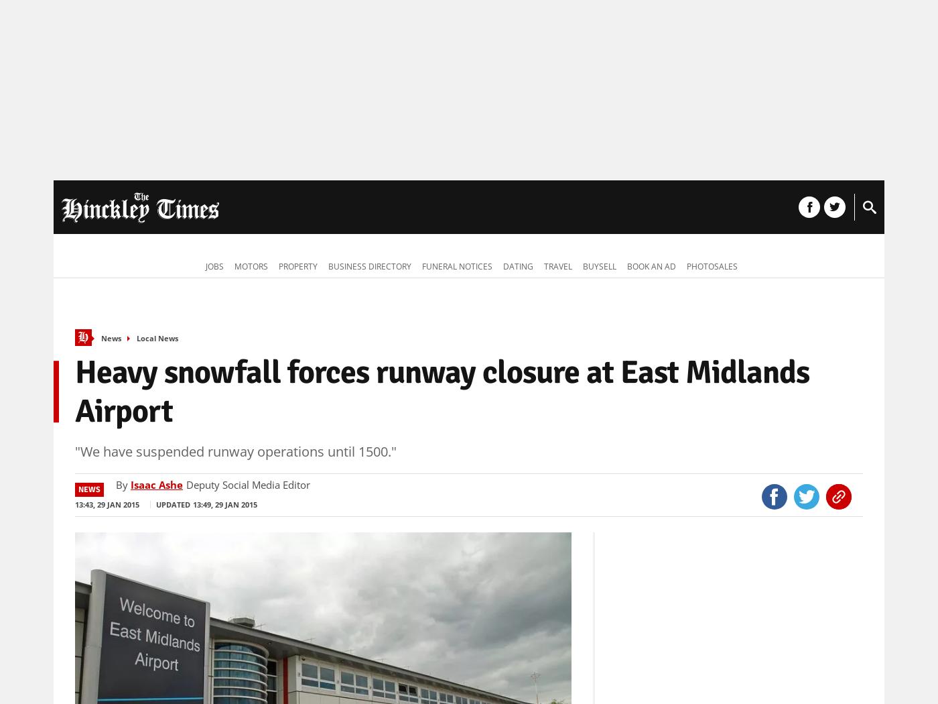  What do you see at coordinates (558, 266) in the screenshot?
I see `'Travel'` at bounding box center [558, 266].